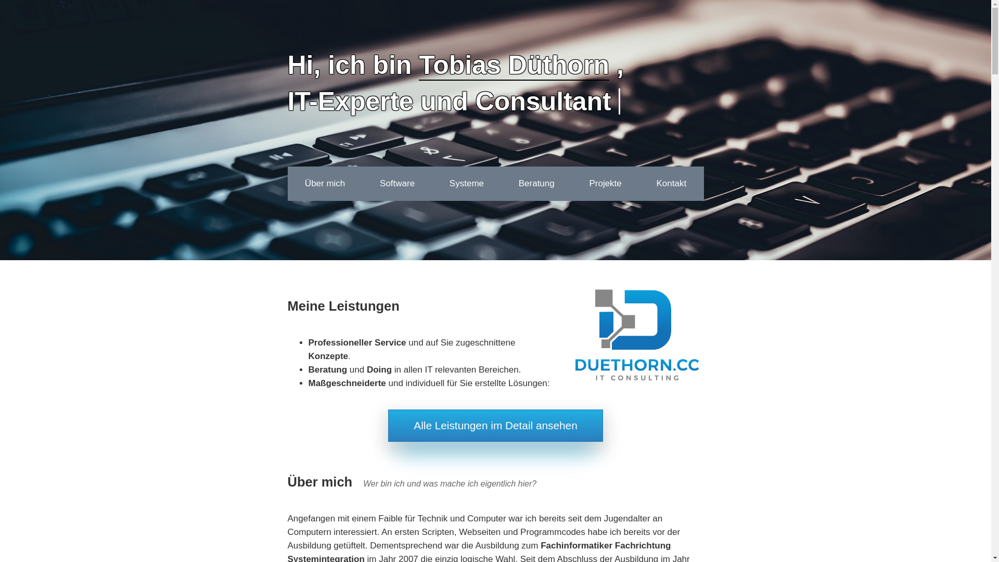  Describe the element at coordinates (396, 183) in the screenshot. I see `'Software'` at that location.